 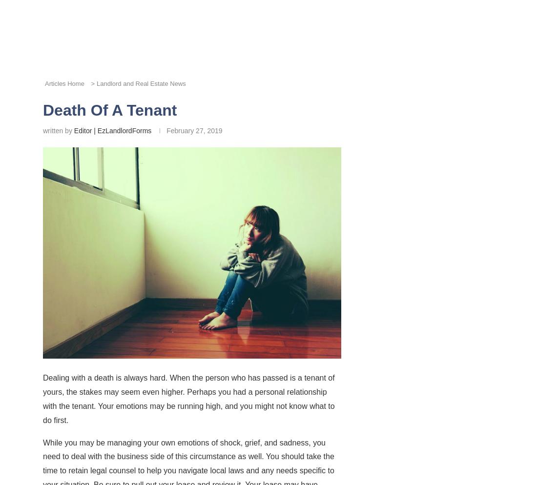 I want to click on 'Twitter', so click(x=234, y=283).